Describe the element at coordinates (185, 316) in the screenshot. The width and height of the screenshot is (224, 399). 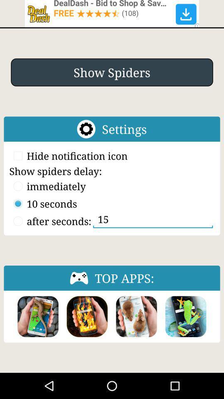
I see `game option` at that location.